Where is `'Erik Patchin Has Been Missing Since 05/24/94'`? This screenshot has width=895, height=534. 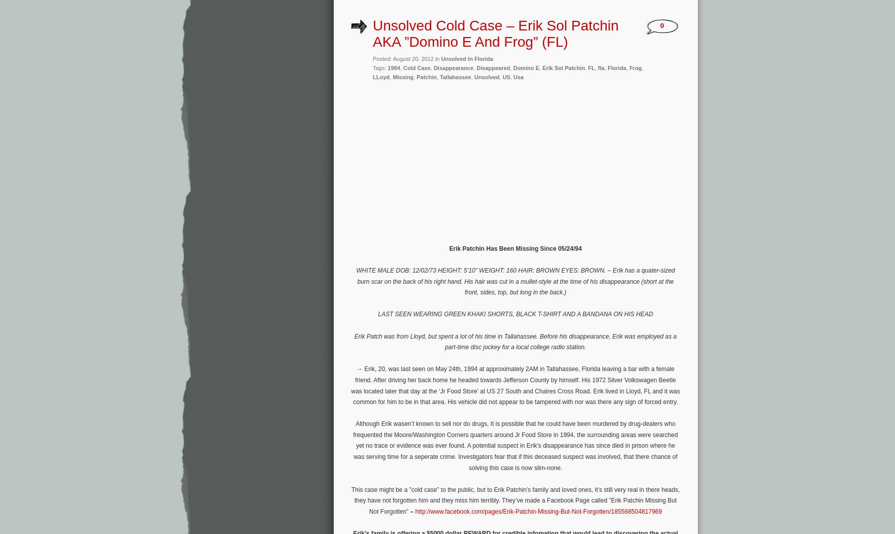 'Erik Patchin Has Been Missing Since 05/24/94' is located at coordinates (515, 247).